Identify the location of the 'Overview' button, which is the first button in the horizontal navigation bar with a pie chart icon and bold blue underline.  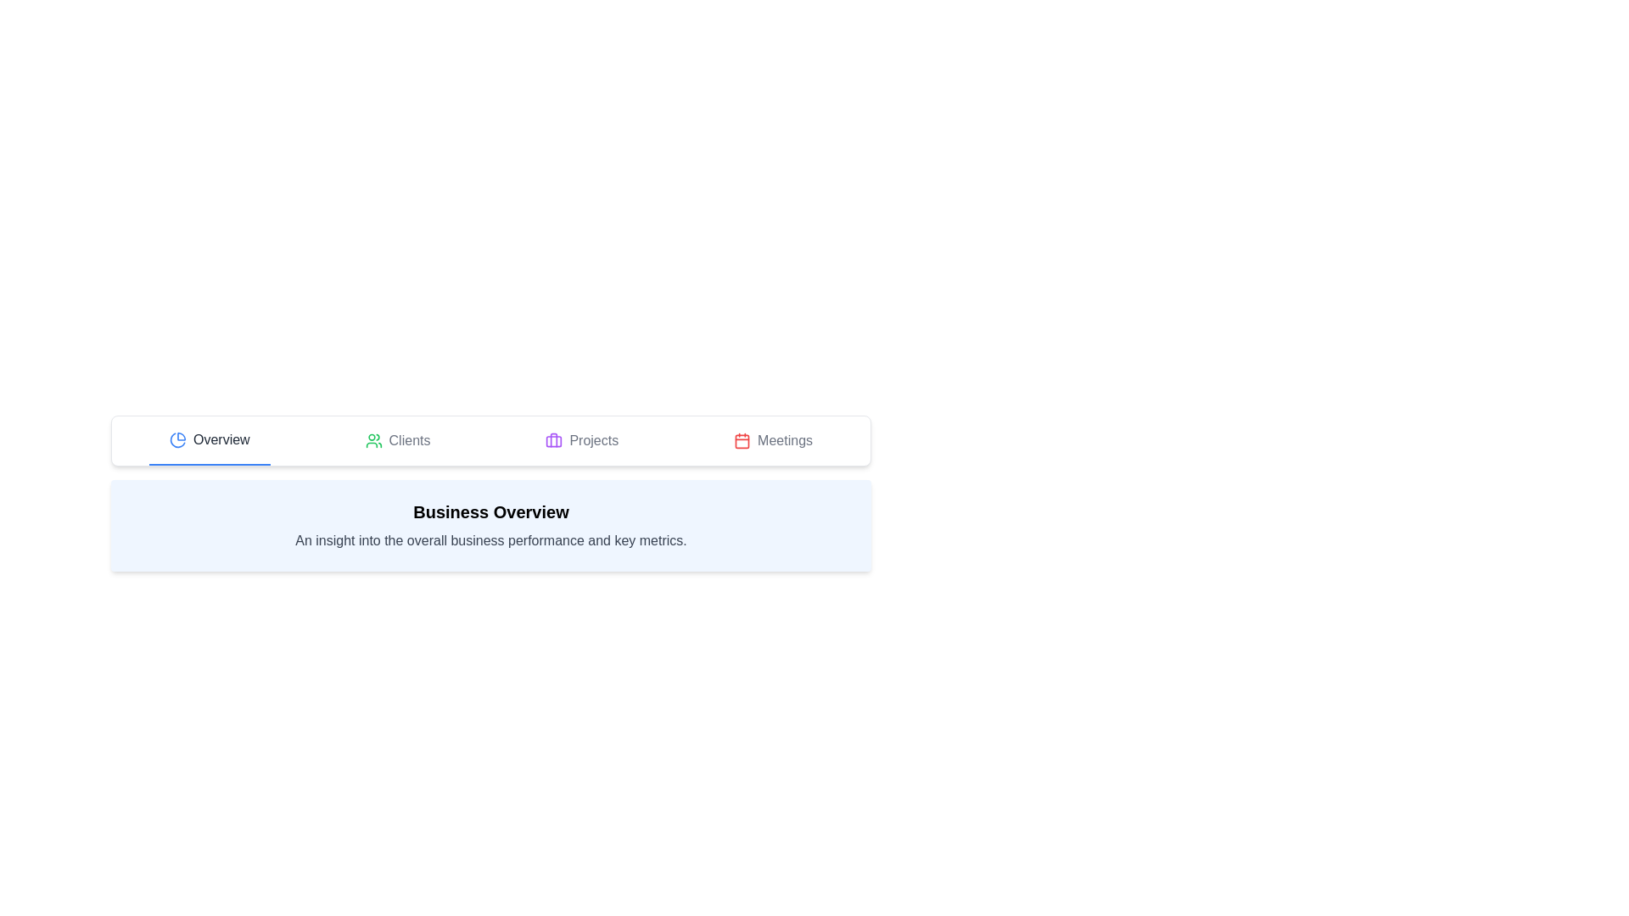
(209, 440).